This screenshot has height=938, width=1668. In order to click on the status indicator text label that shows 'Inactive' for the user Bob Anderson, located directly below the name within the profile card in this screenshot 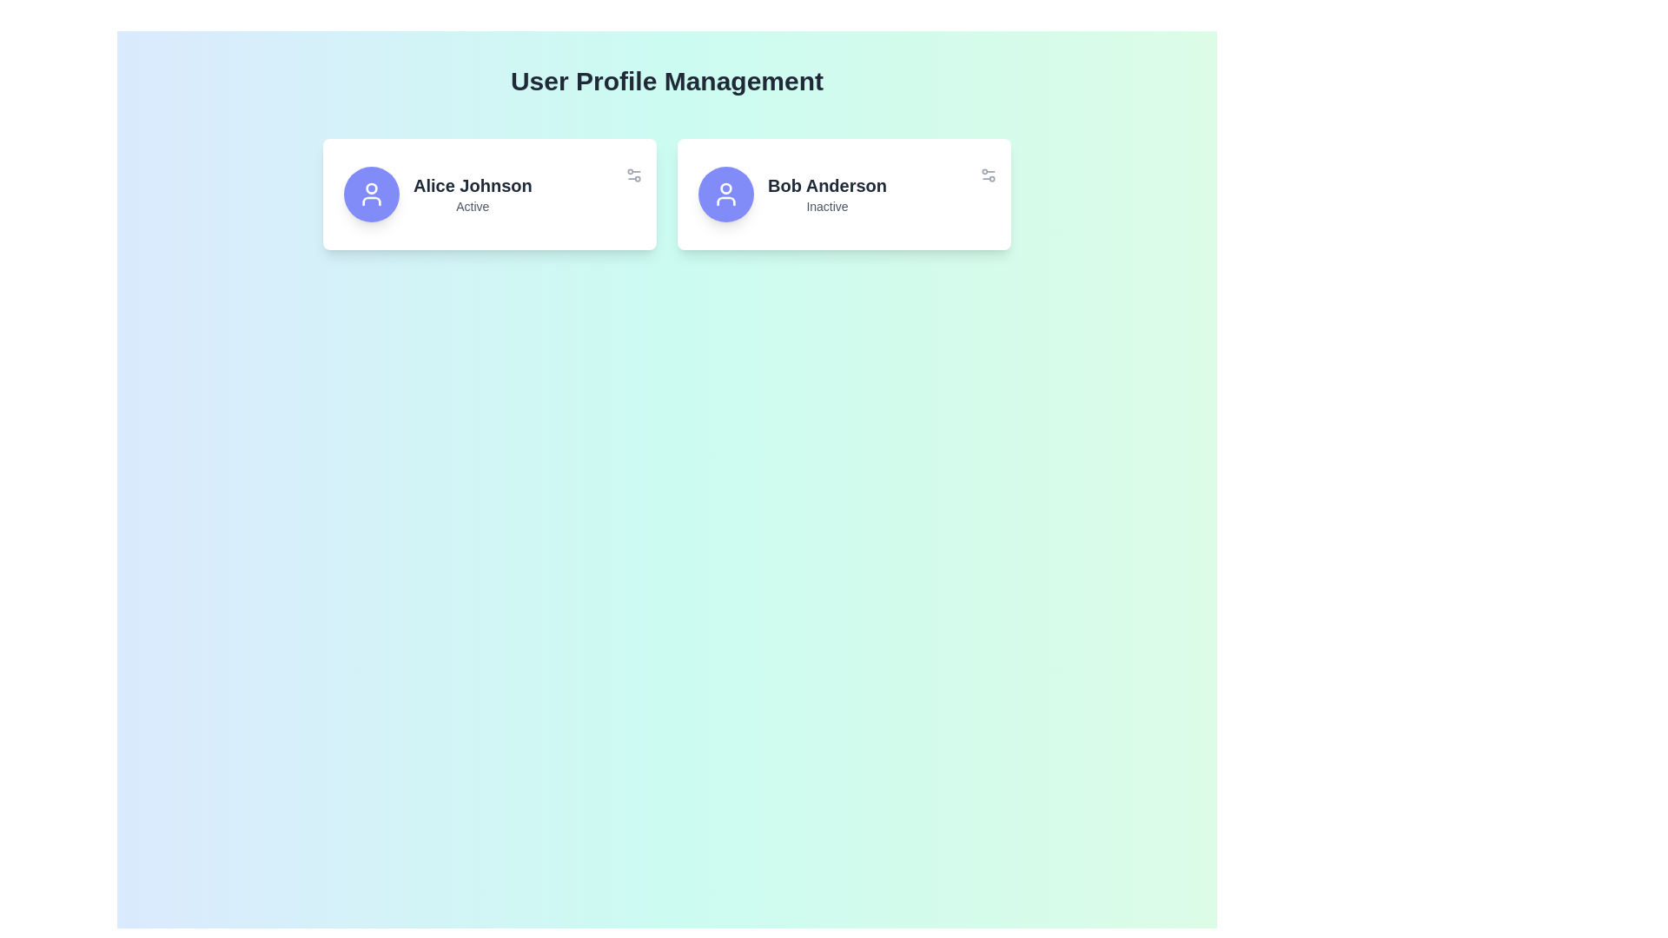, I will do `click(826, 206)`.